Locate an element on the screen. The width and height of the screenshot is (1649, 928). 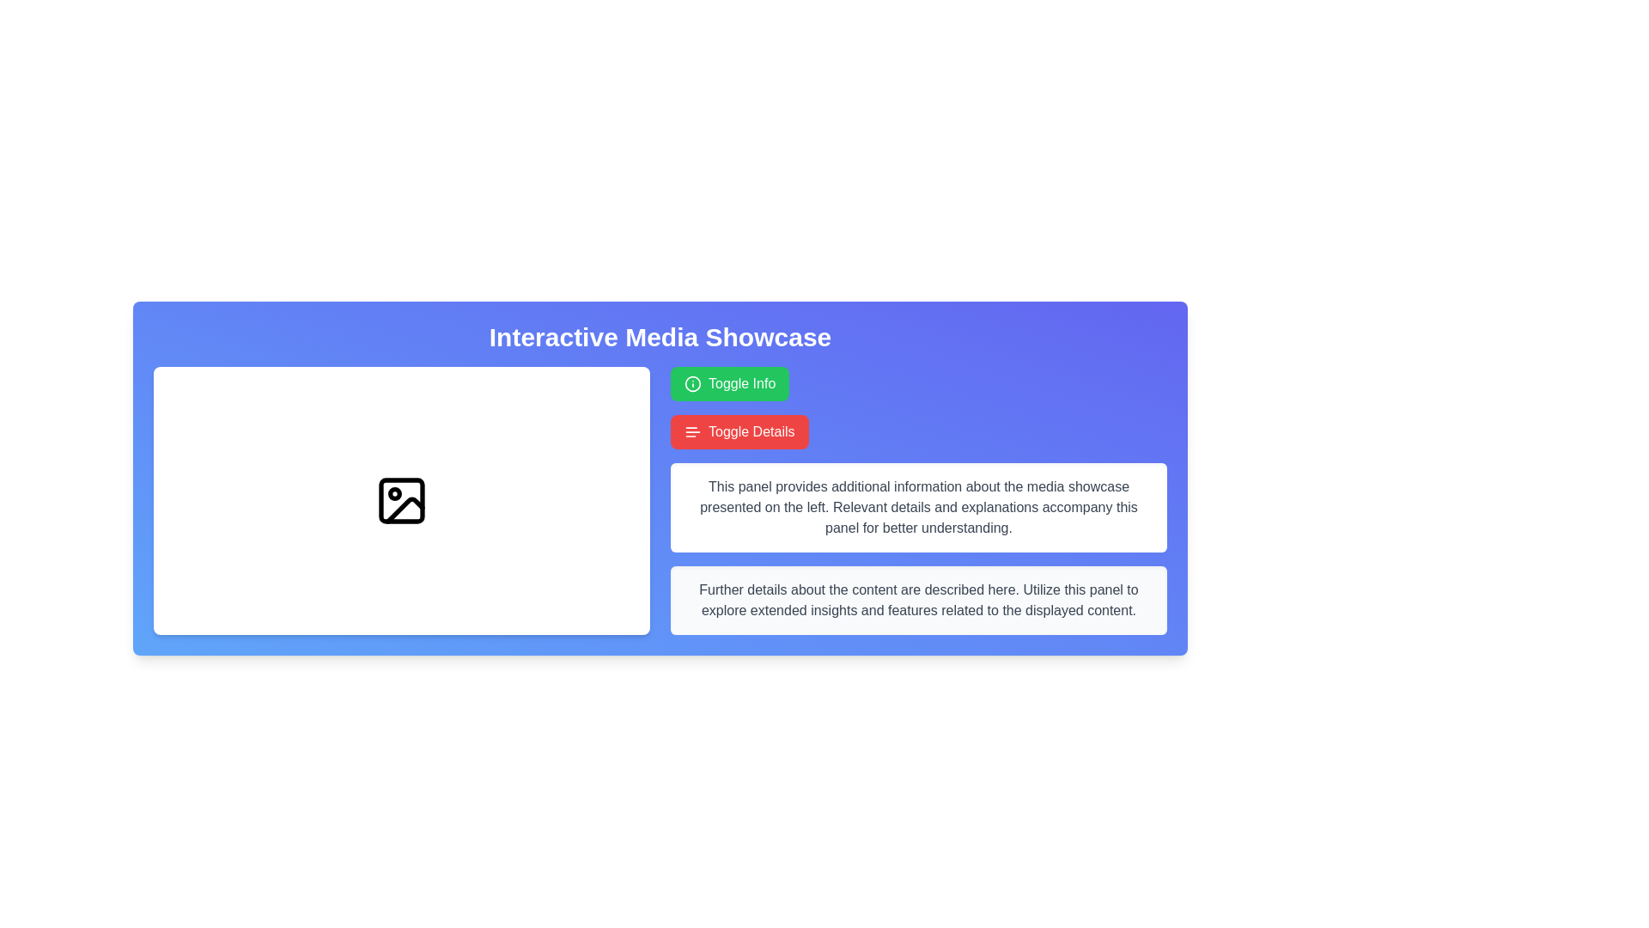
the text block containing the content 'Further details about the content are described here.' is located at coordinates (918, 599).